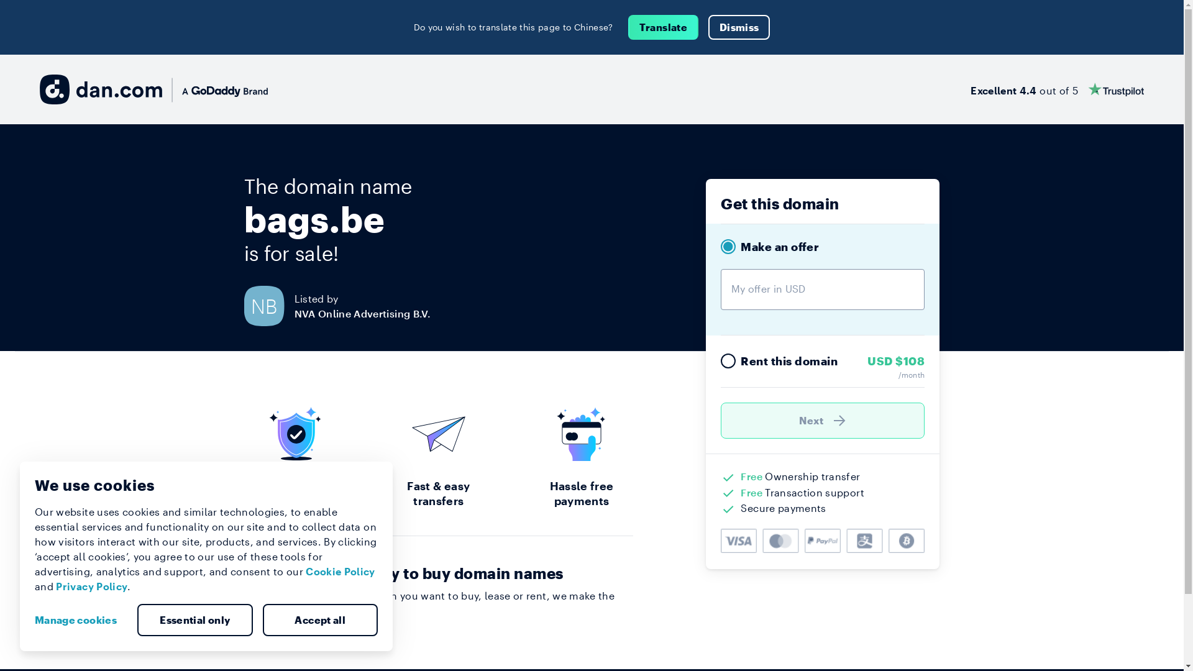  I want to click on 'Privacy Policy', so click(91, 586).